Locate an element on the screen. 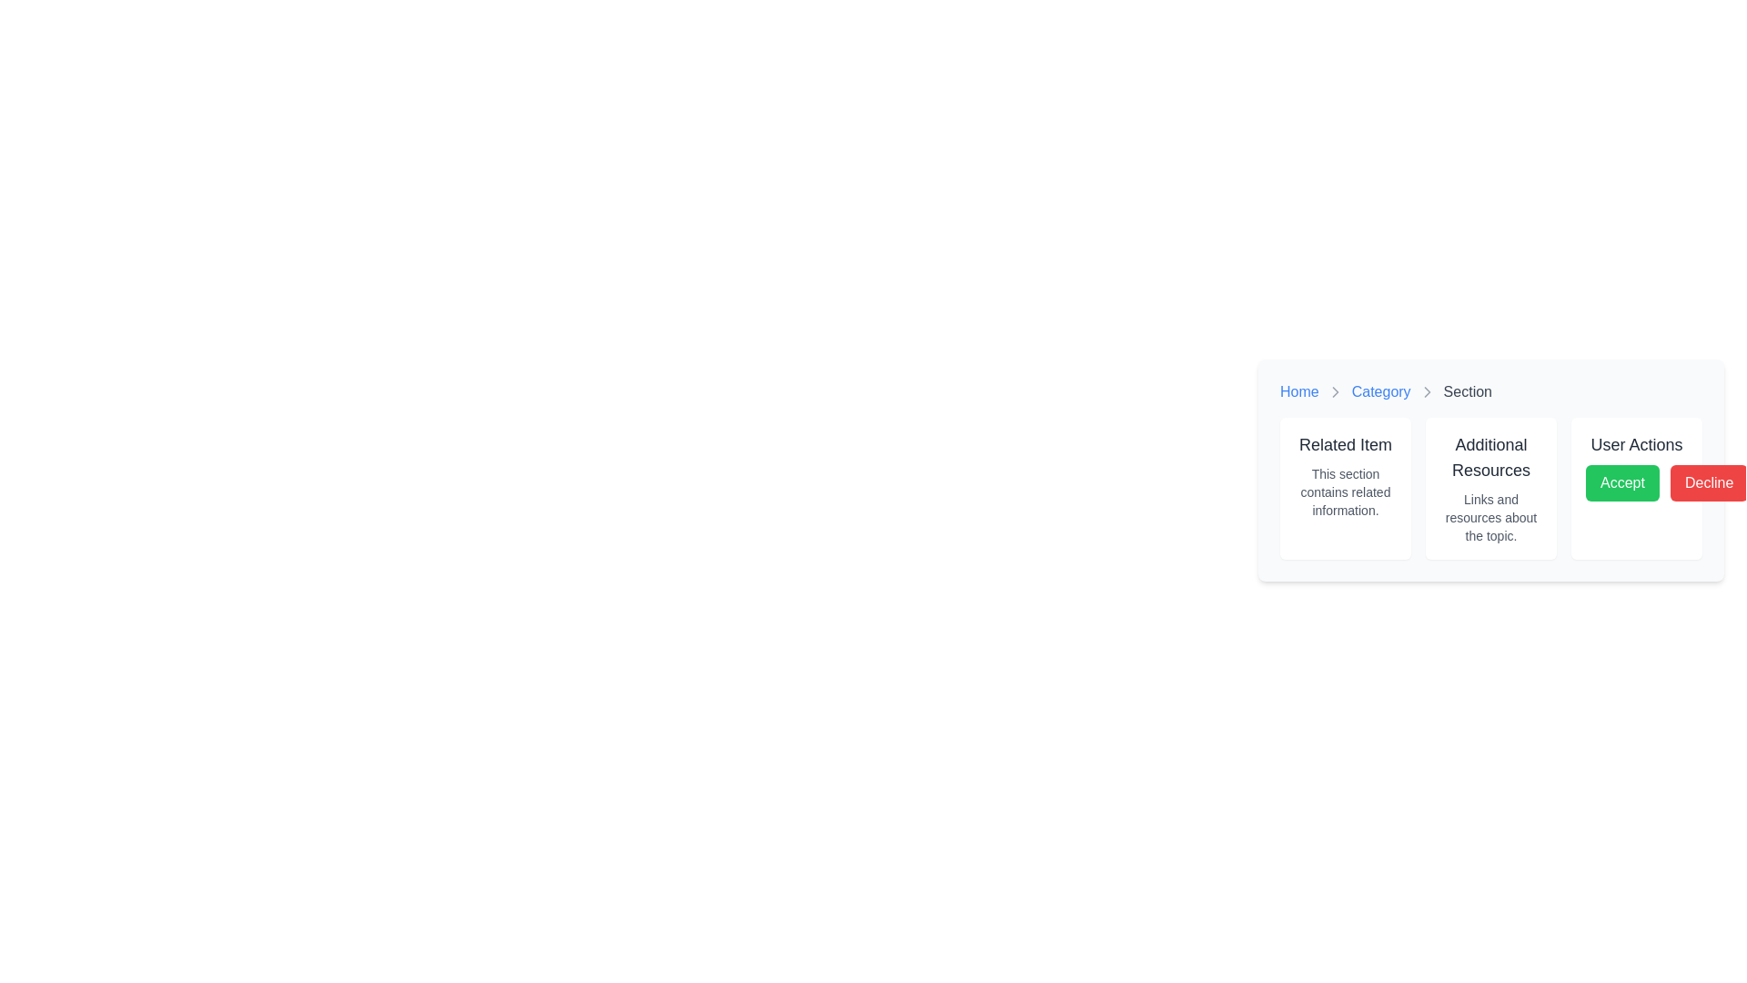  the 'Accept' button, which is a rectangular button with rounded corners, a green background, and white text, positioned within the 'User Actions' button group is located at coordinates (1622, 482).